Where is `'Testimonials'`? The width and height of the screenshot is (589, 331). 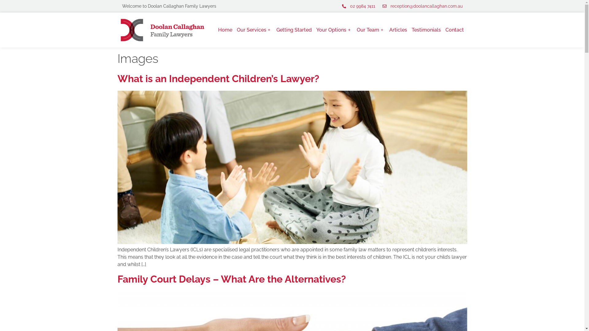 'Testimonials' is located at coordinates (412, 30).